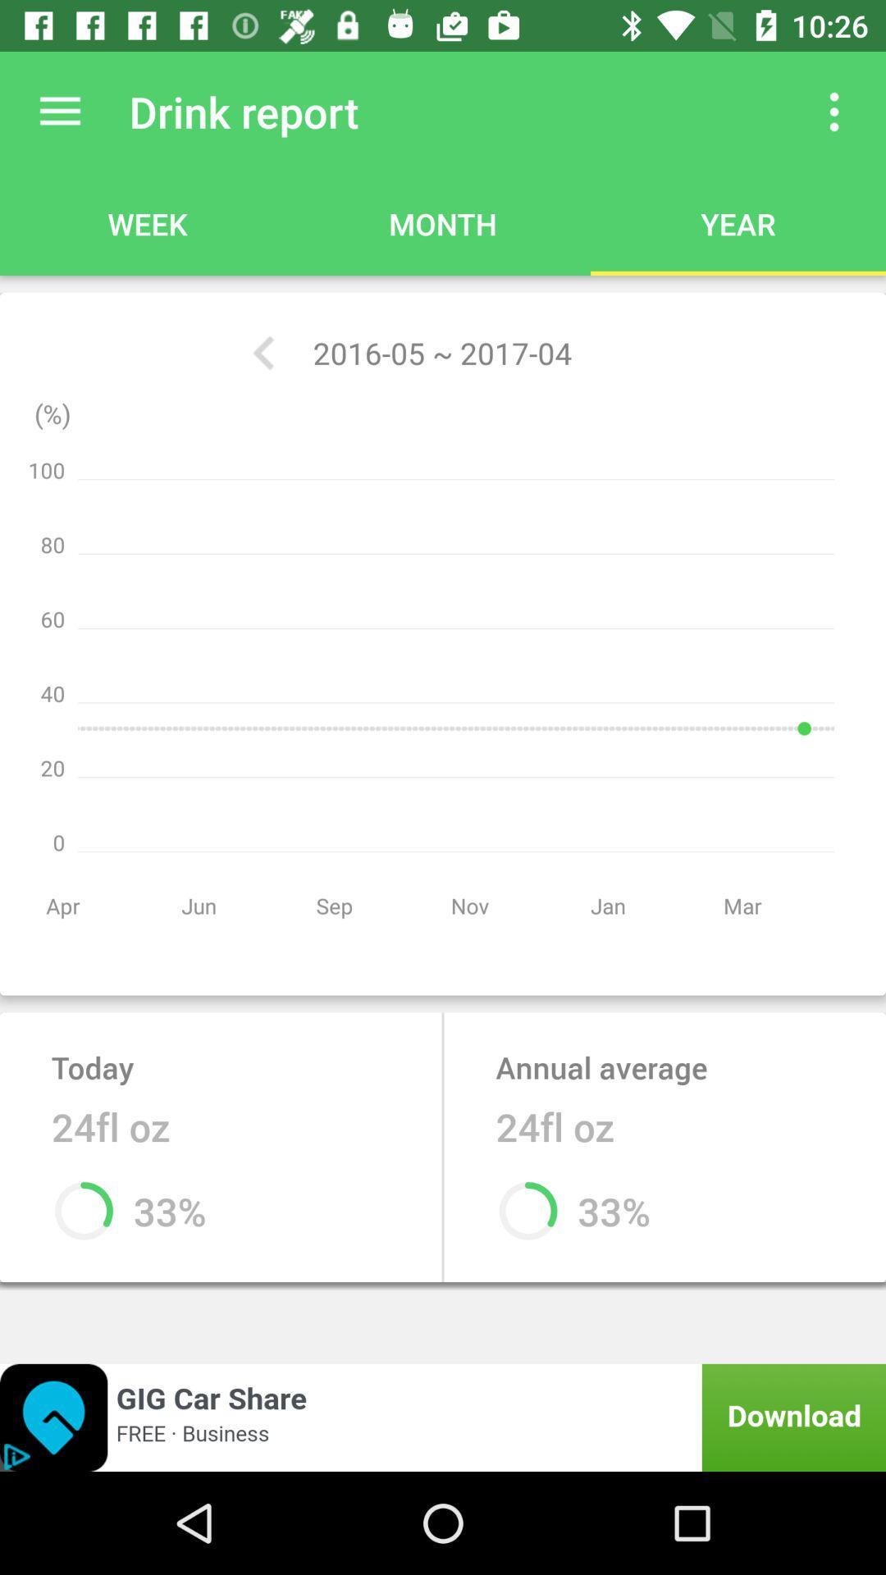 This screenshot has height=1575, width=886. What do you see at coordinates (59, 111) in the screenshot?
I see `button to open up main menu` at bounding box center [59, 111].